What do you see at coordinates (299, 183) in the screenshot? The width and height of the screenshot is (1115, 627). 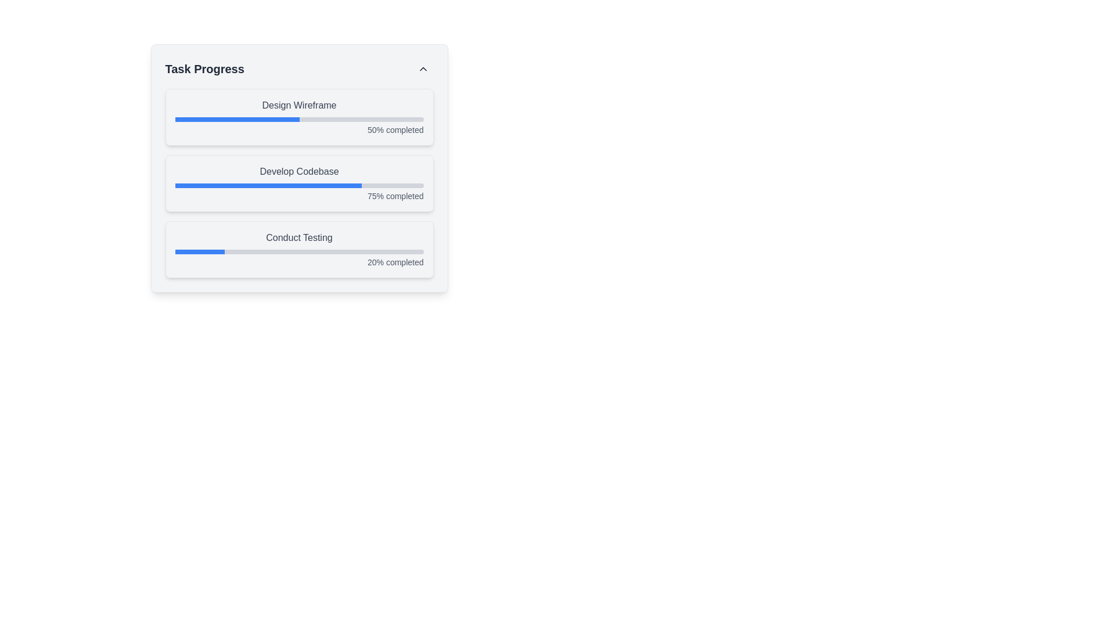 I see `the progress indicator representing 'Develop Codebase', which shows 75% completion, located in the middle section of the task list` at bounding box center [299, 183].